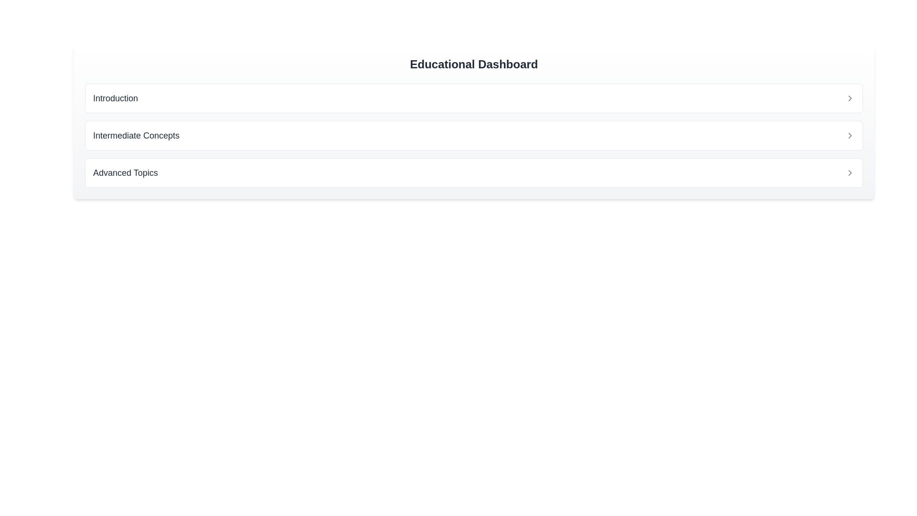 This screenshot has height=516, width=917. Describe the element at coordinates (850, 98) in the screenshot. I see `the Chevron icon located to the right of the 'Introduction' item in the navigation list` at that location.